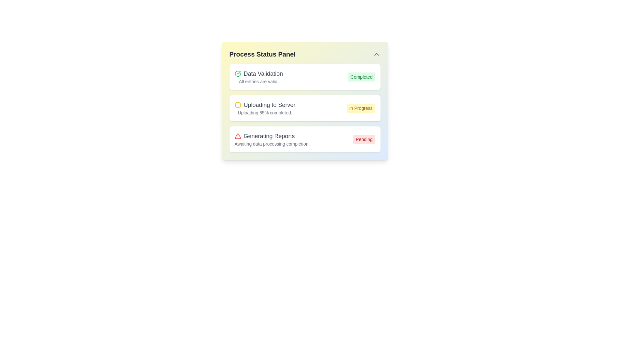  What do you see at coordinates (272, 144) in the screenshot?
I see `the text element displaying 'Awaiting data processing completion.' located under the 'Generating Reports' heading, indicating a pending status` at bounding box center [272, 144].